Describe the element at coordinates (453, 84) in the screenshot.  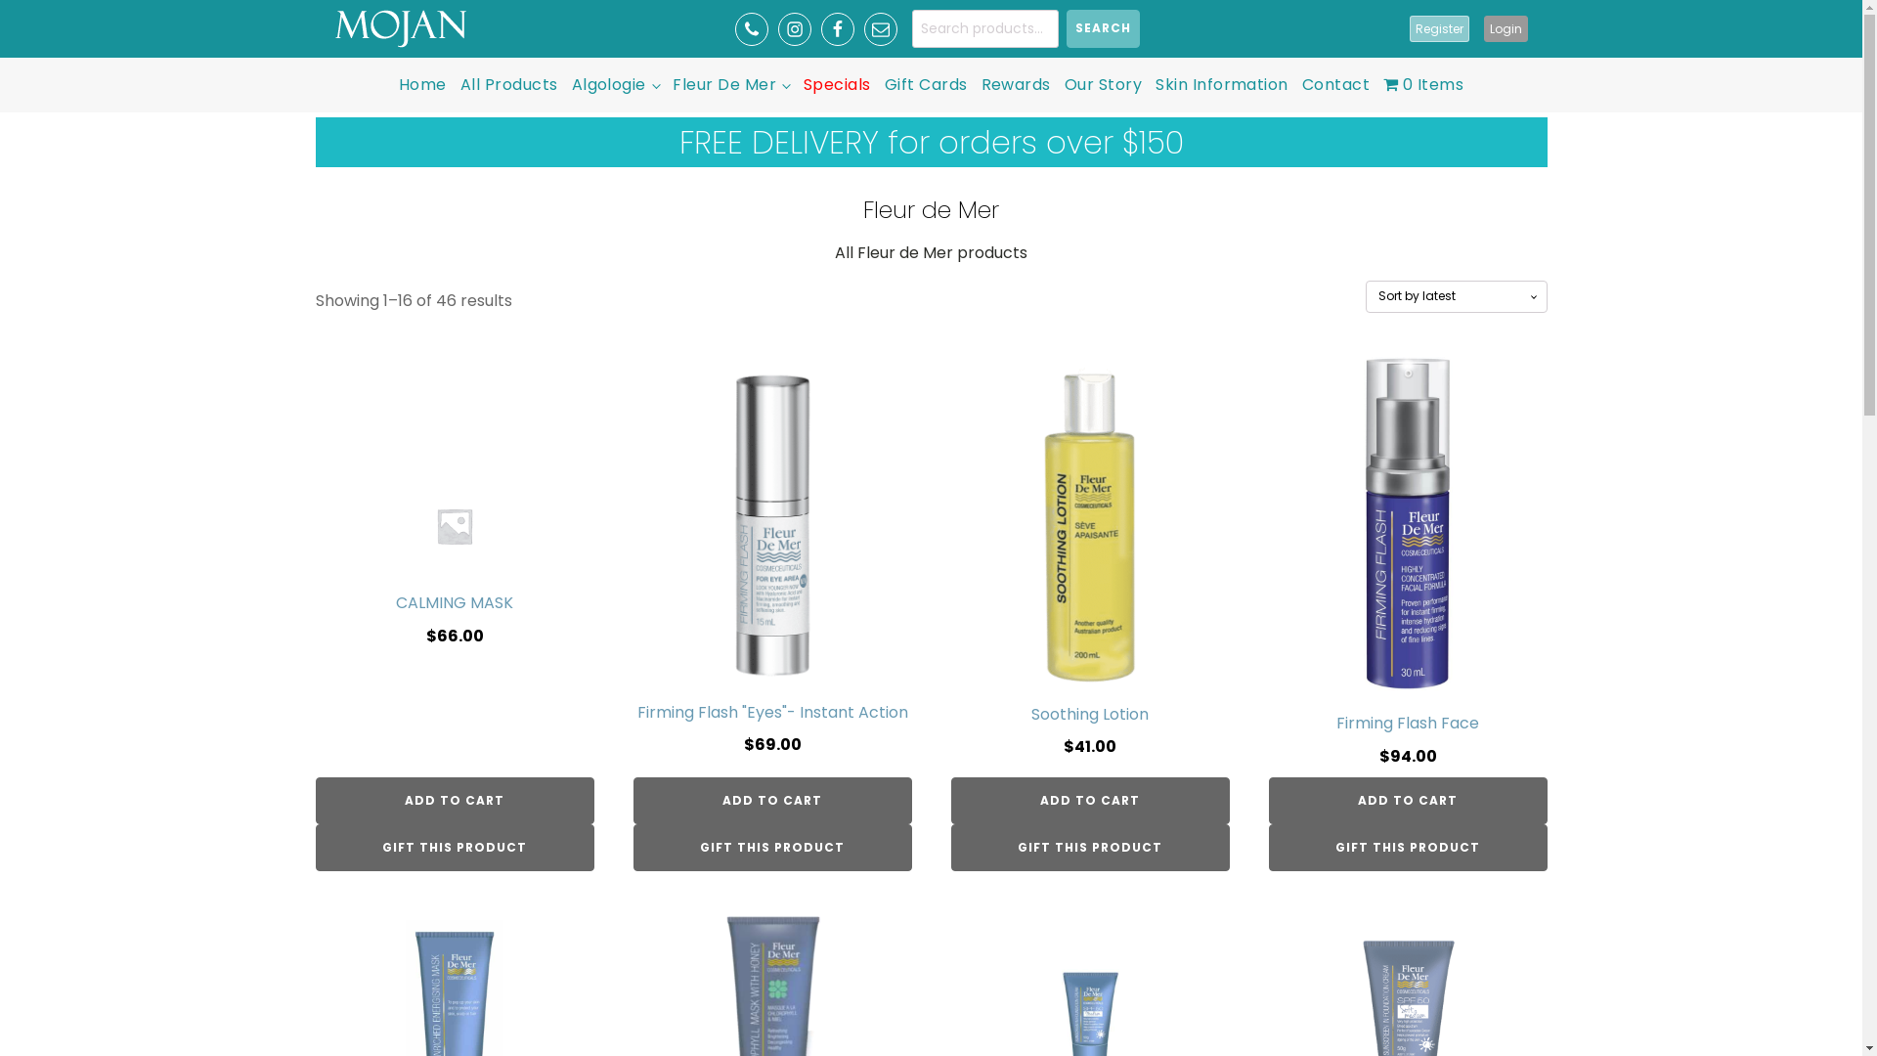
I see `'All Products'` at that location.